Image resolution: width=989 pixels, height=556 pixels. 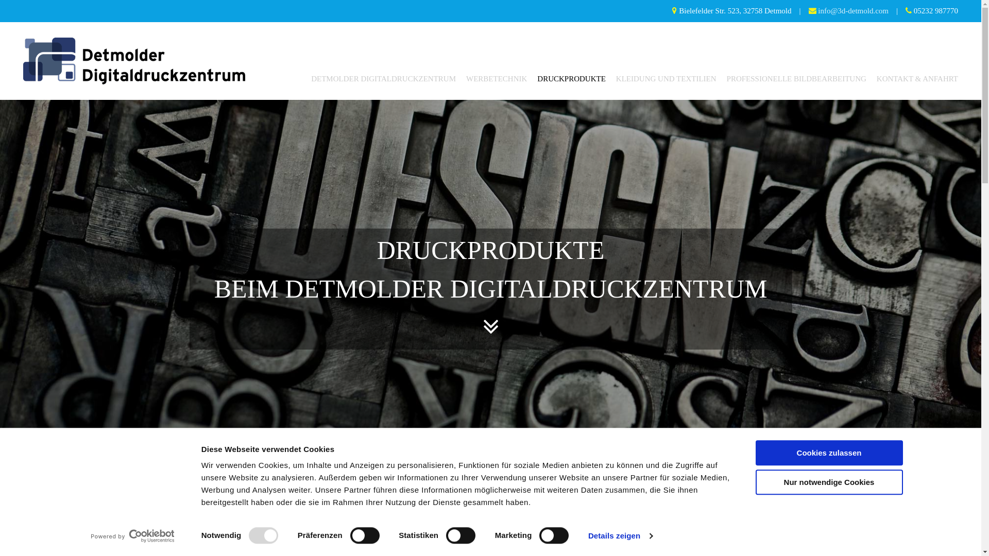 I want to click on 'Details zeigen', so click(x=620, y=535).